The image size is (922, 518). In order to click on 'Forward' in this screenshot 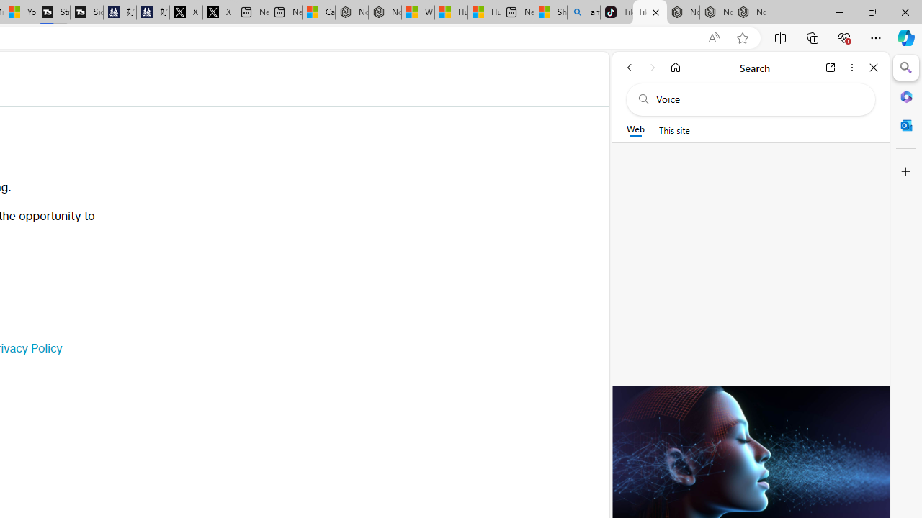, I will do `click(652, 67)`.